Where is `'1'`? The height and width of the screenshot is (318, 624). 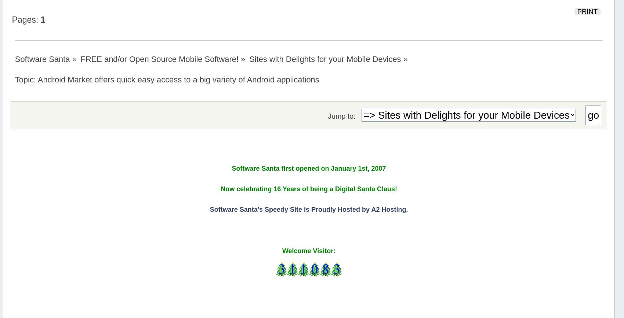
'1' is located at coordinates (42, 19).